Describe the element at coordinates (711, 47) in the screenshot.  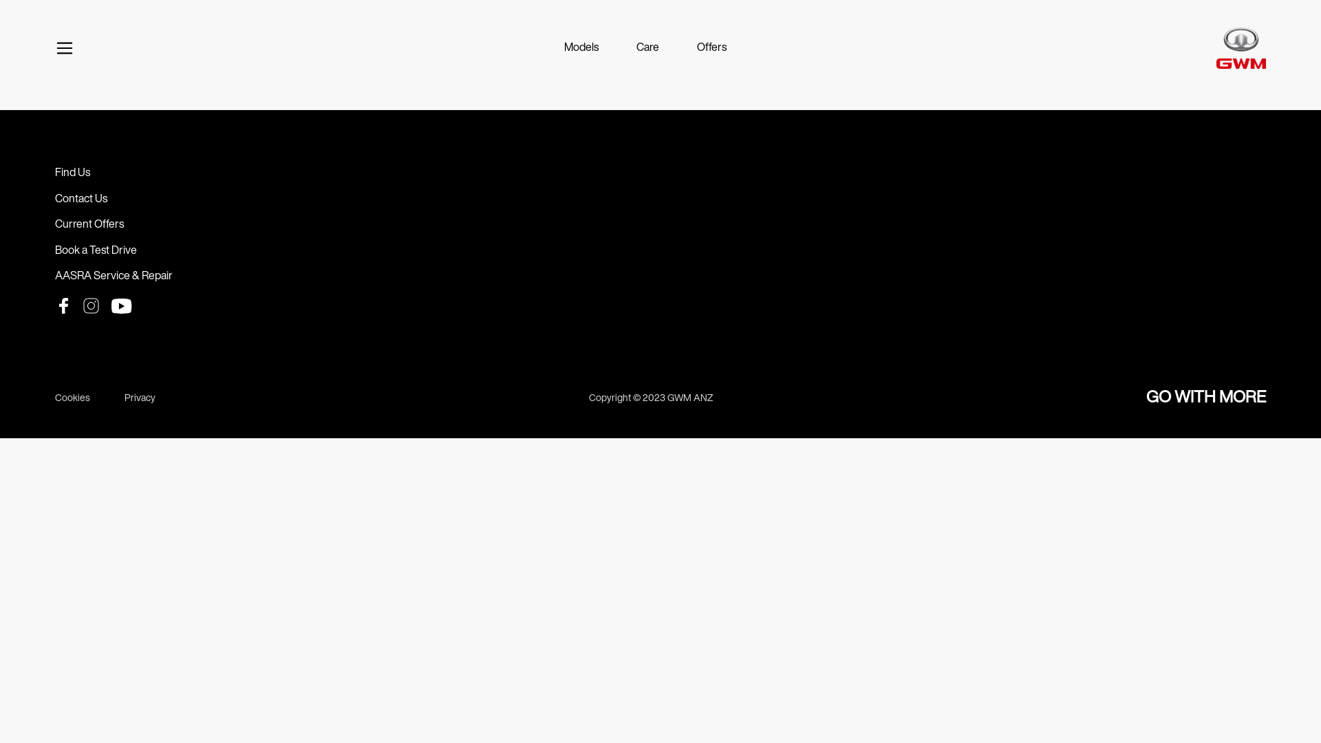
I see `'Offers'` at that location.